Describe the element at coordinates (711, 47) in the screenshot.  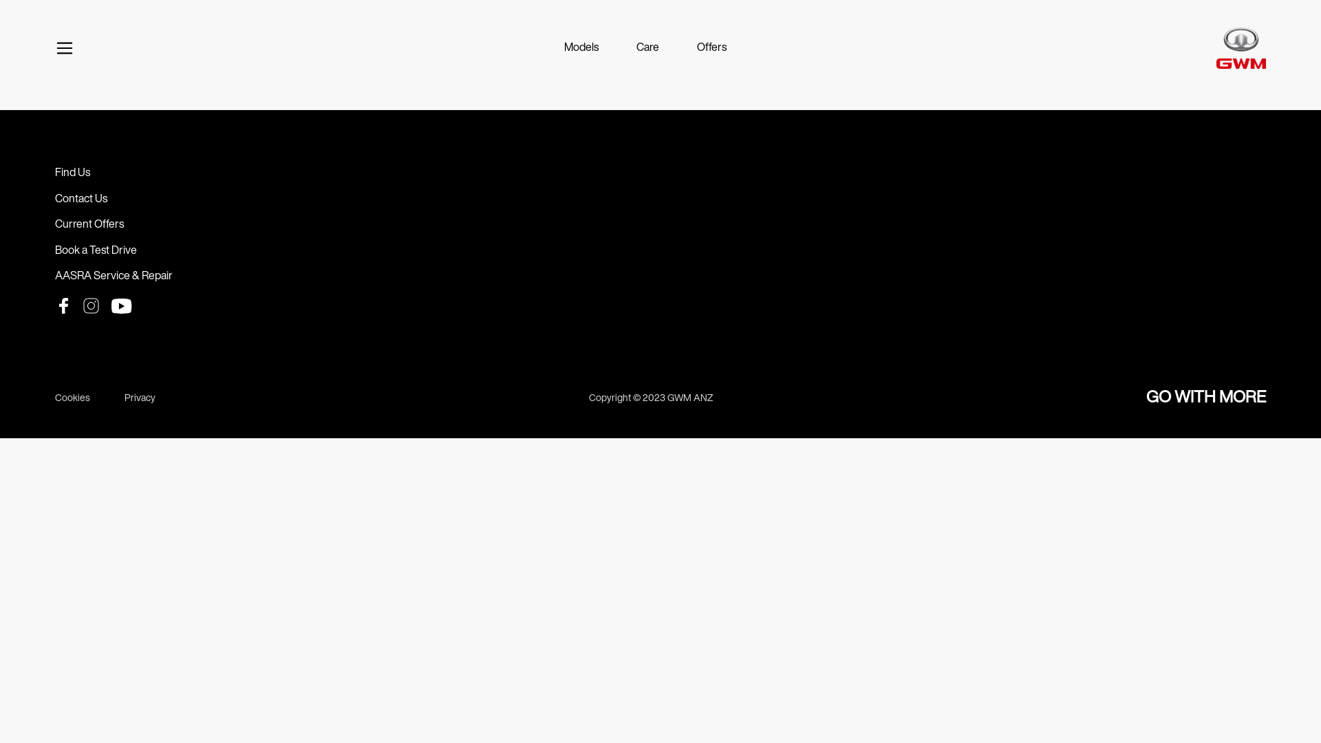
I see `'Offers'` at that location.